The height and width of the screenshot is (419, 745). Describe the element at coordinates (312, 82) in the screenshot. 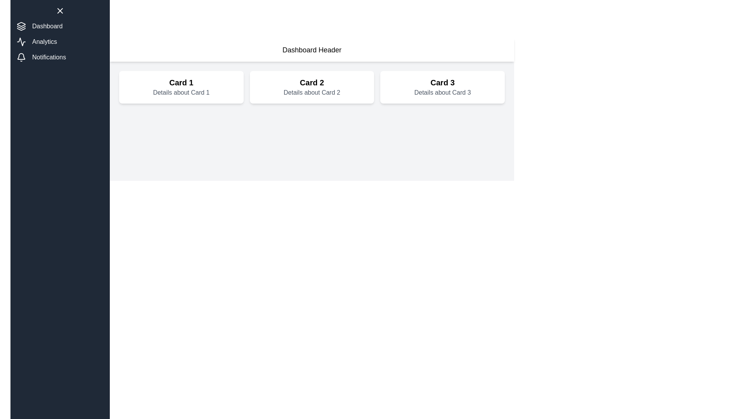

I see `the title text of the middle card in a group of three horizontally aligned cards, which serves as the heading for the card's contents` at that location.